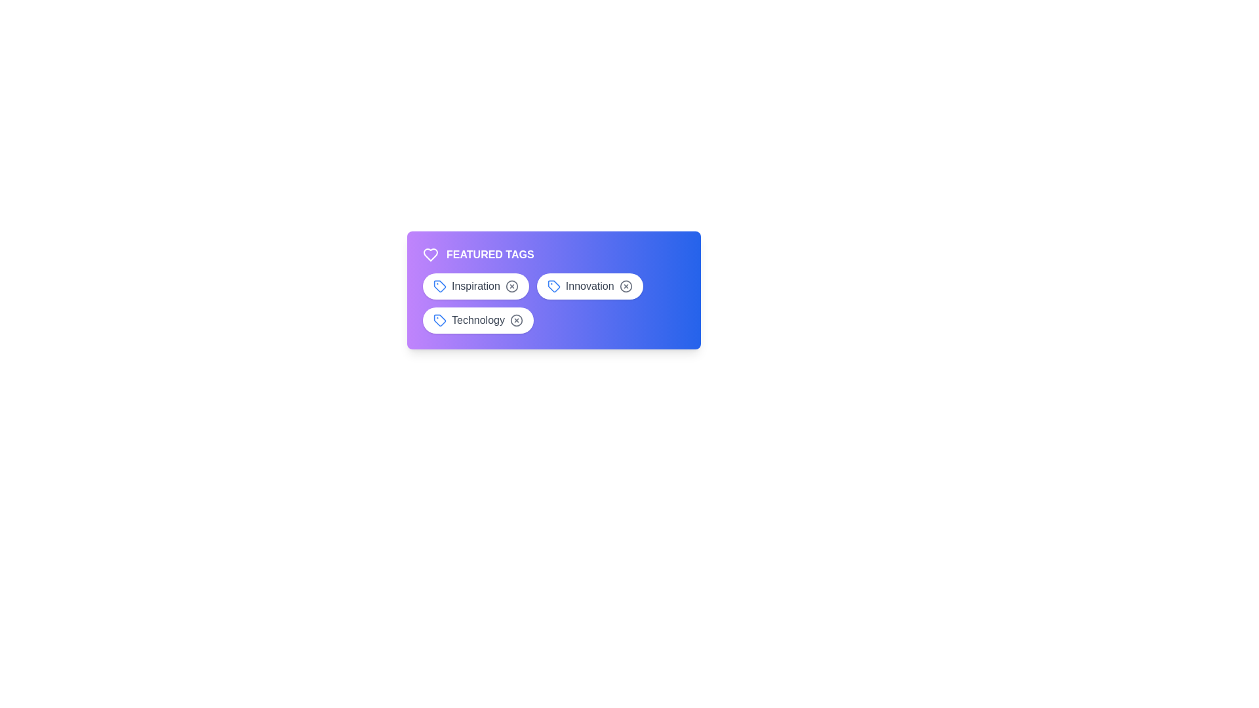  Describe the element at coordinates (553, 285) in the screenshot. I see `the icon representing the 'Innovation' tag located in the center-right section of the 'FEATURED TAGS' component` at that location.